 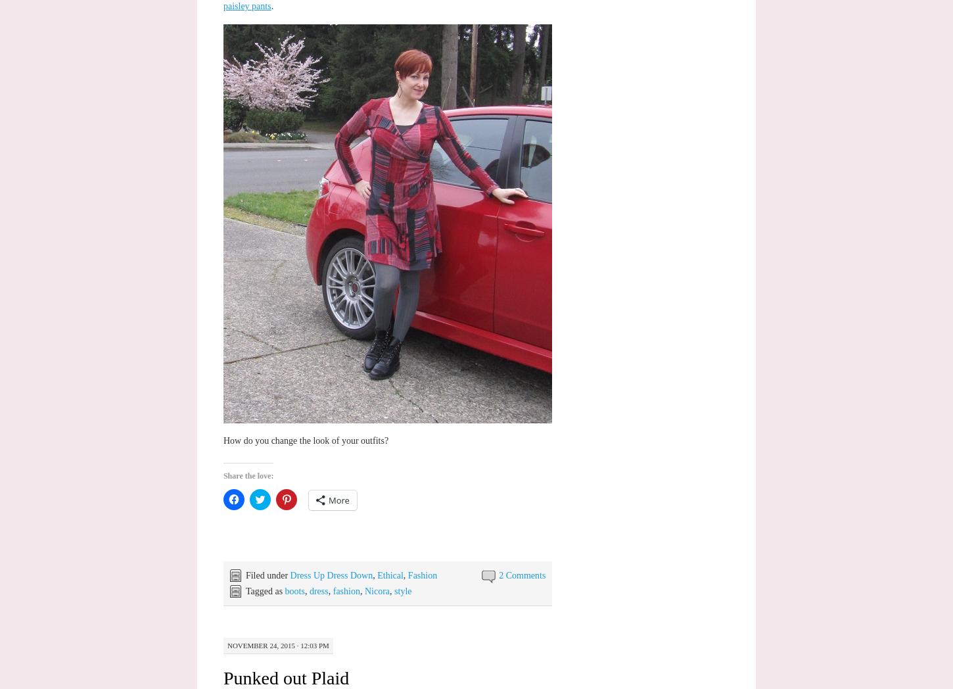 I want to click on 'Tagged as', so click(x=264, y=590).